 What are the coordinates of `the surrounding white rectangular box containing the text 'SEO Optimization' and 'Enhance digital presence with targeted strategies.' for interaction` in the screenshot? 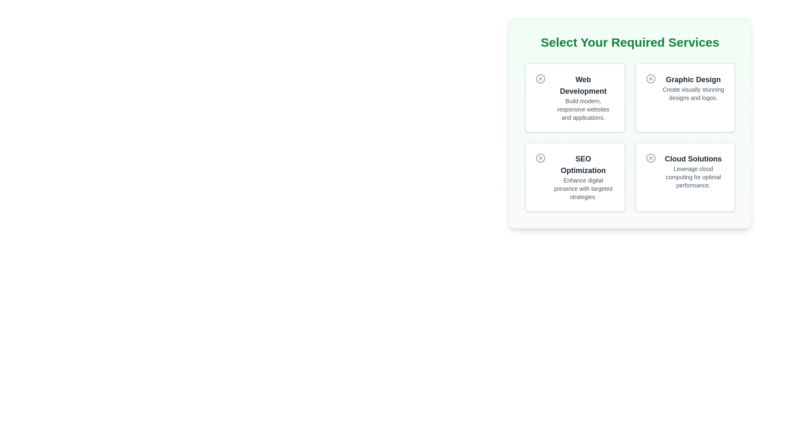 It's located at (583, 176).